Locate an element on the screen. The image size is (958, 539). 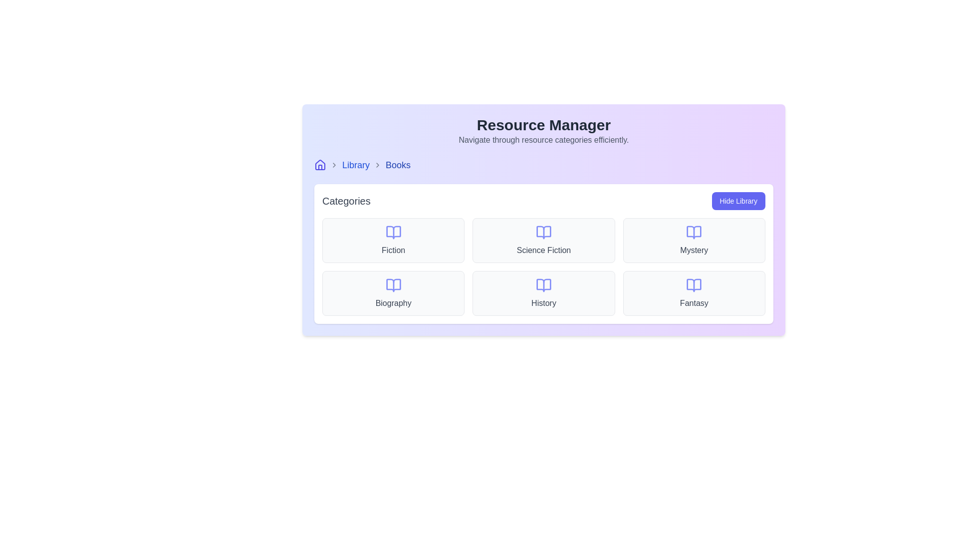
the indigo open book icon representing the 'Mystery' category in the category selection panel is located at coordinates (694, 233).